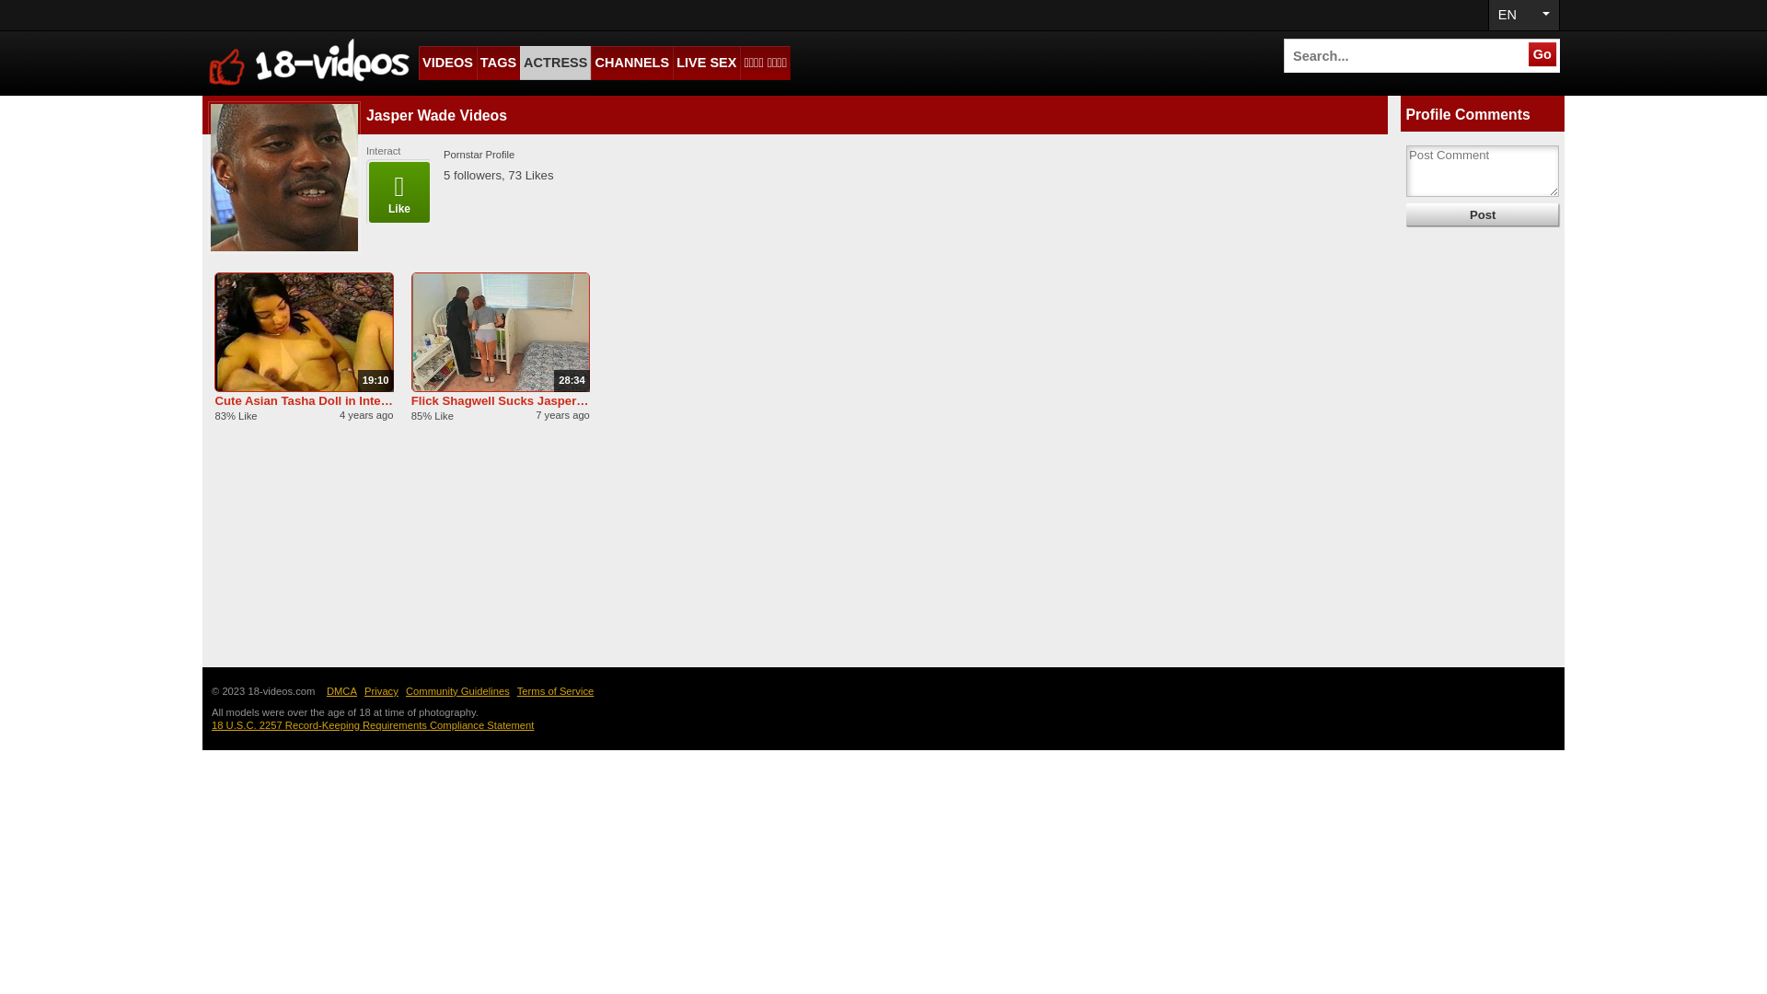 Image resolution: width=1767 pixels, height=994 pixels. Describe the element at coordinates (519, 62) in the screenshot. I see `'ACTRESS'` at that location.